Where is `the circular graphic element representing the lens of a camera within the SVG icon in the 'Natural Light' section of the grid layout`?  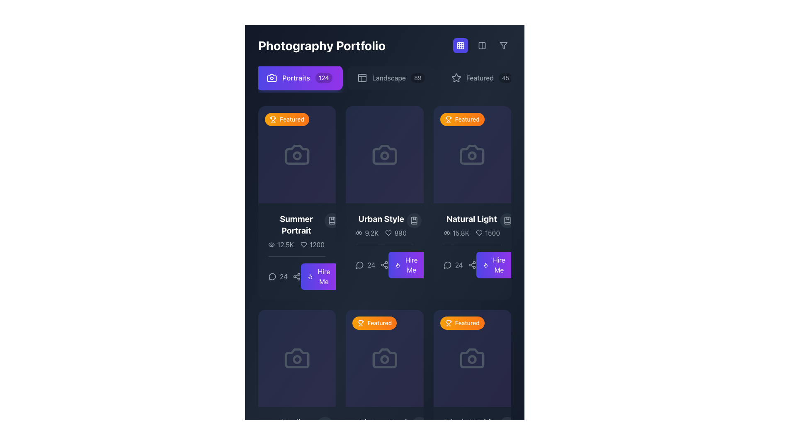 the circular graphic element representing the lens of a camera within the SVG icon in the 'Natural Light' section of the grid layout is located at coordinates (472, 156).